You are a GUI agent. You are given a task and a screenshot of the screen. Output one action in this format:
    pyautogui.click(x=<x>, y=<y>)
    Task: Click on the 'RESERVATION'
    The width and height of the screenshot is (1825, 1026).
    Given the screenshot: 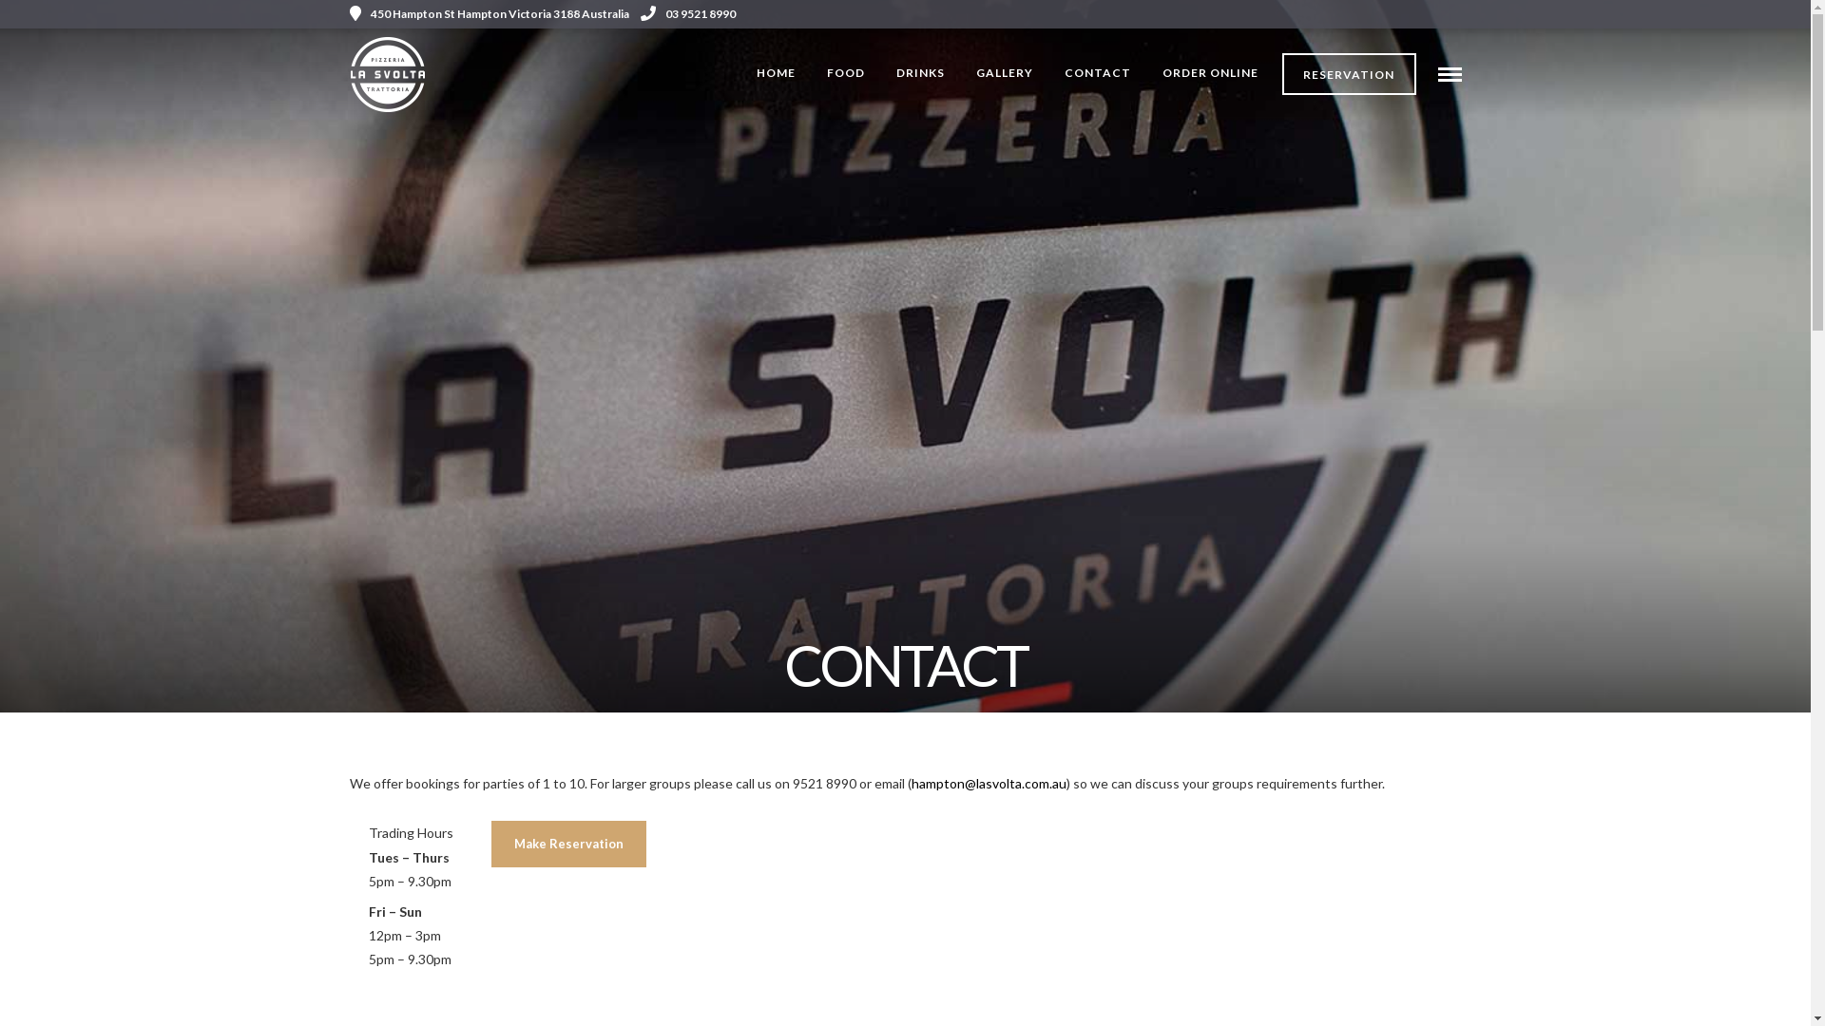 What is the action you would take?
    pyautogui.click(x=1348, y=73)
    